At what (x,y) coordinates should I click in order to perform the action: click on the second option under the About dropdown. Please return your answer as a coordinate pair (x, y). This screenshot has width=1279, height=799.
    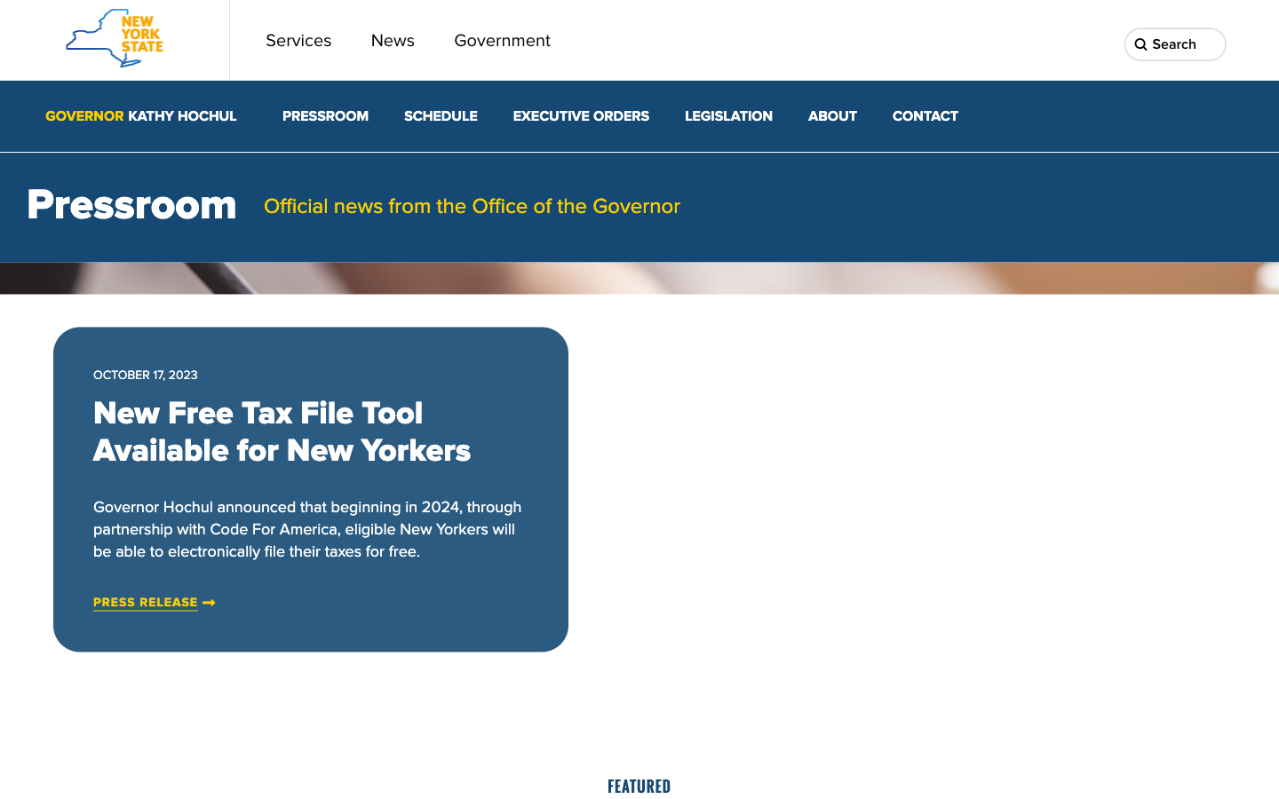
    Looking at the image, I should click on (832, 116).